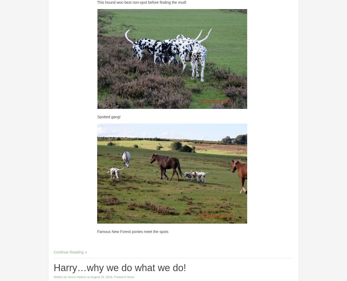 The height and width of the screenshot is (281, 347). What do you see at coordinates (119, 276) in the screenshot?
I see `'. Posted in'` at bounding box center [119, 276].